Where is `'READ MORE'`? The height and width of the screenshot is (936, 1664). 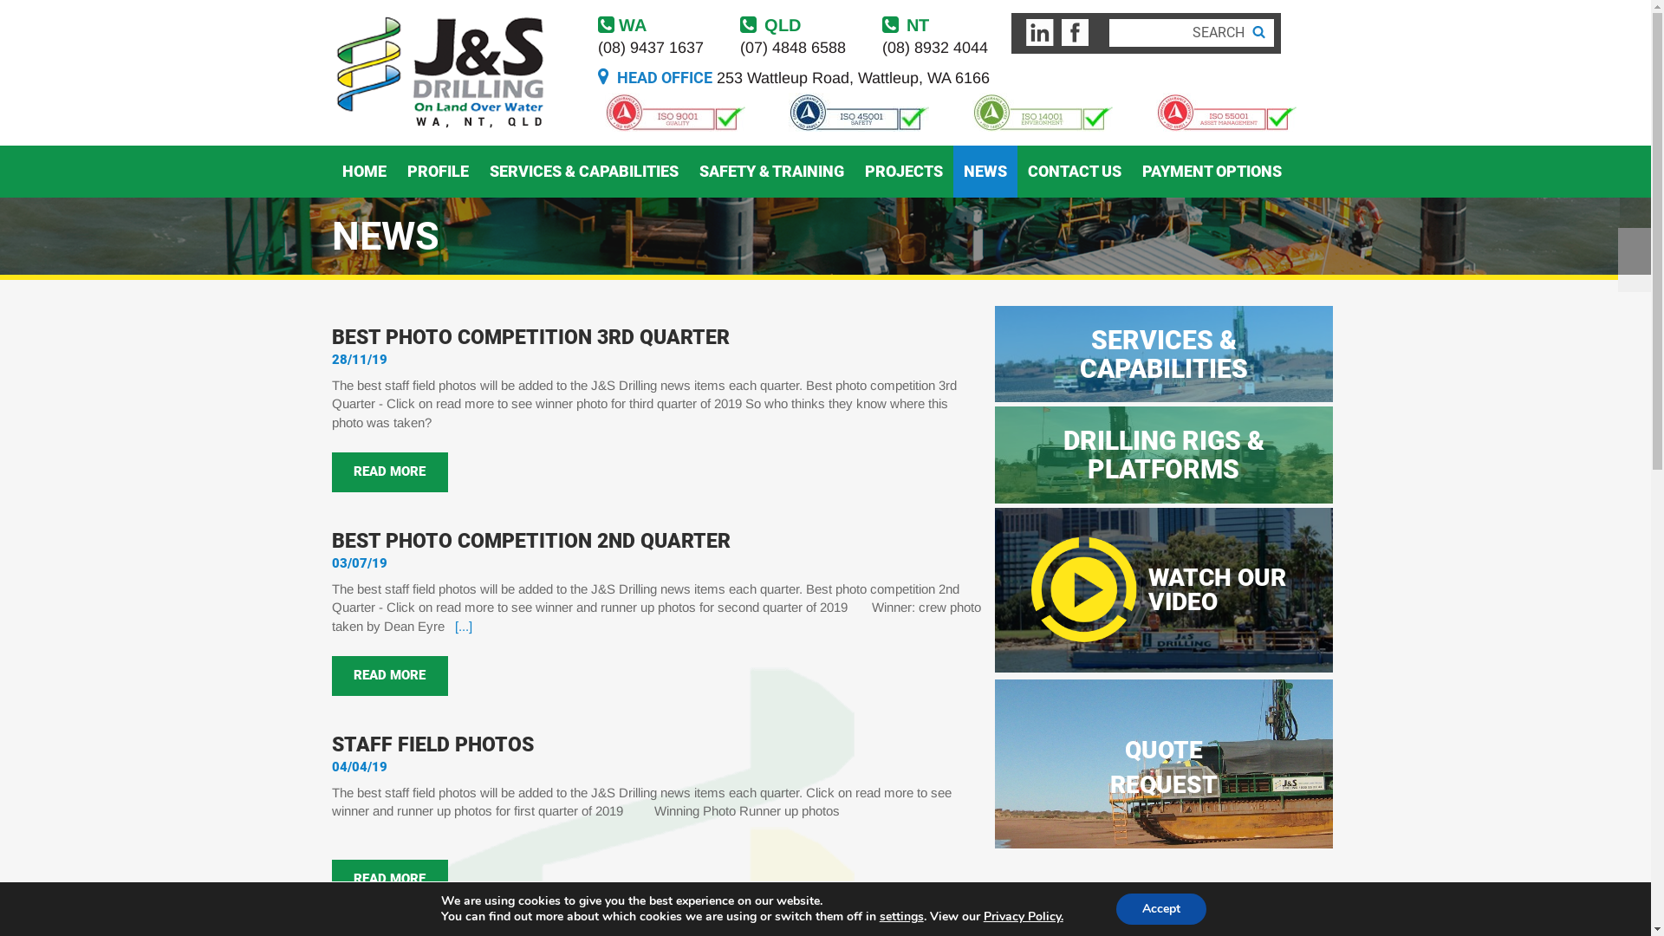
'READ MORE' is located at coordinates (331, 674).